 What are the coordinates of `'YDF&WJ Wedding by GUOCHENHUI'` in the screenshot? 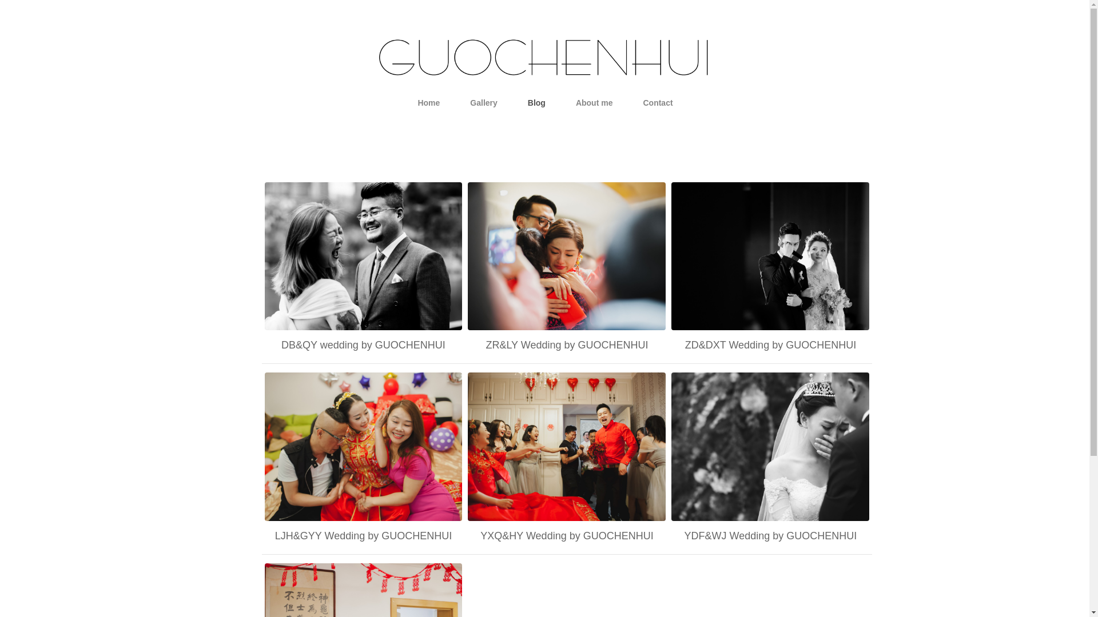 It's located at (770, 535).